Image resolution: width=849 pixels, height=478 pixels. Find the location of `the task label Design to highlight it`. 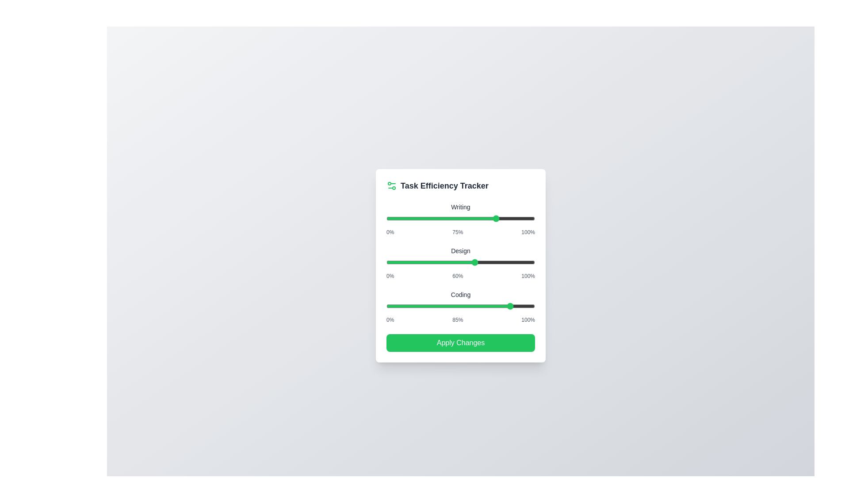

the task label Design to highlight it is located at coordinates (460, 251).